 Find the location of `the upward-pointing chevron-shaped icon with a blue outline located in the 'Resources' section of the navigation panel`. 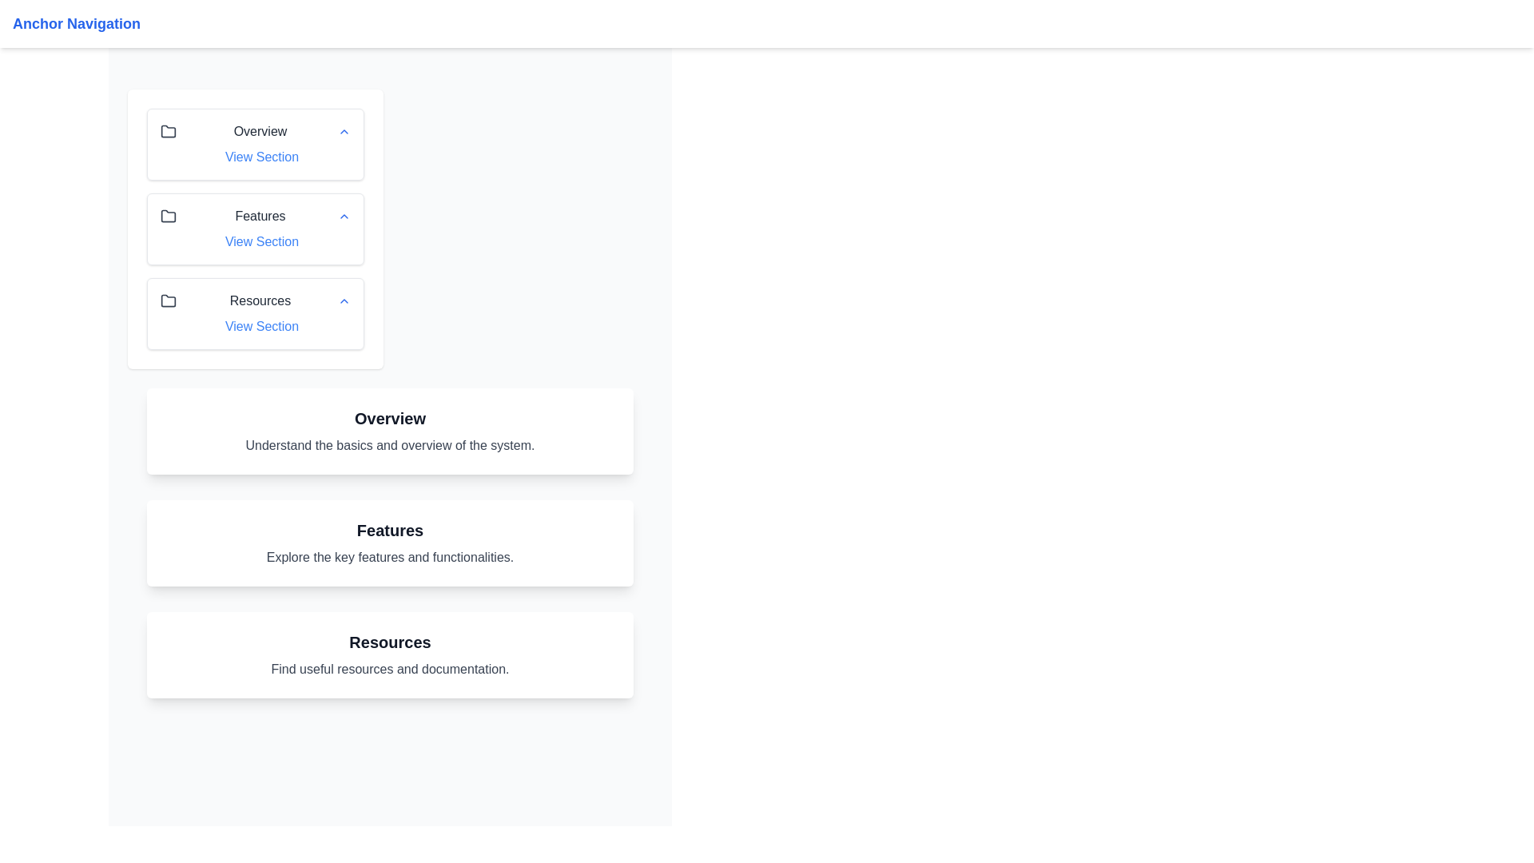

the upward-pointing chevron-shaped icon with a blue outline located in the 'Resources' section of the navigation panel is located at coordinates (344, 301).